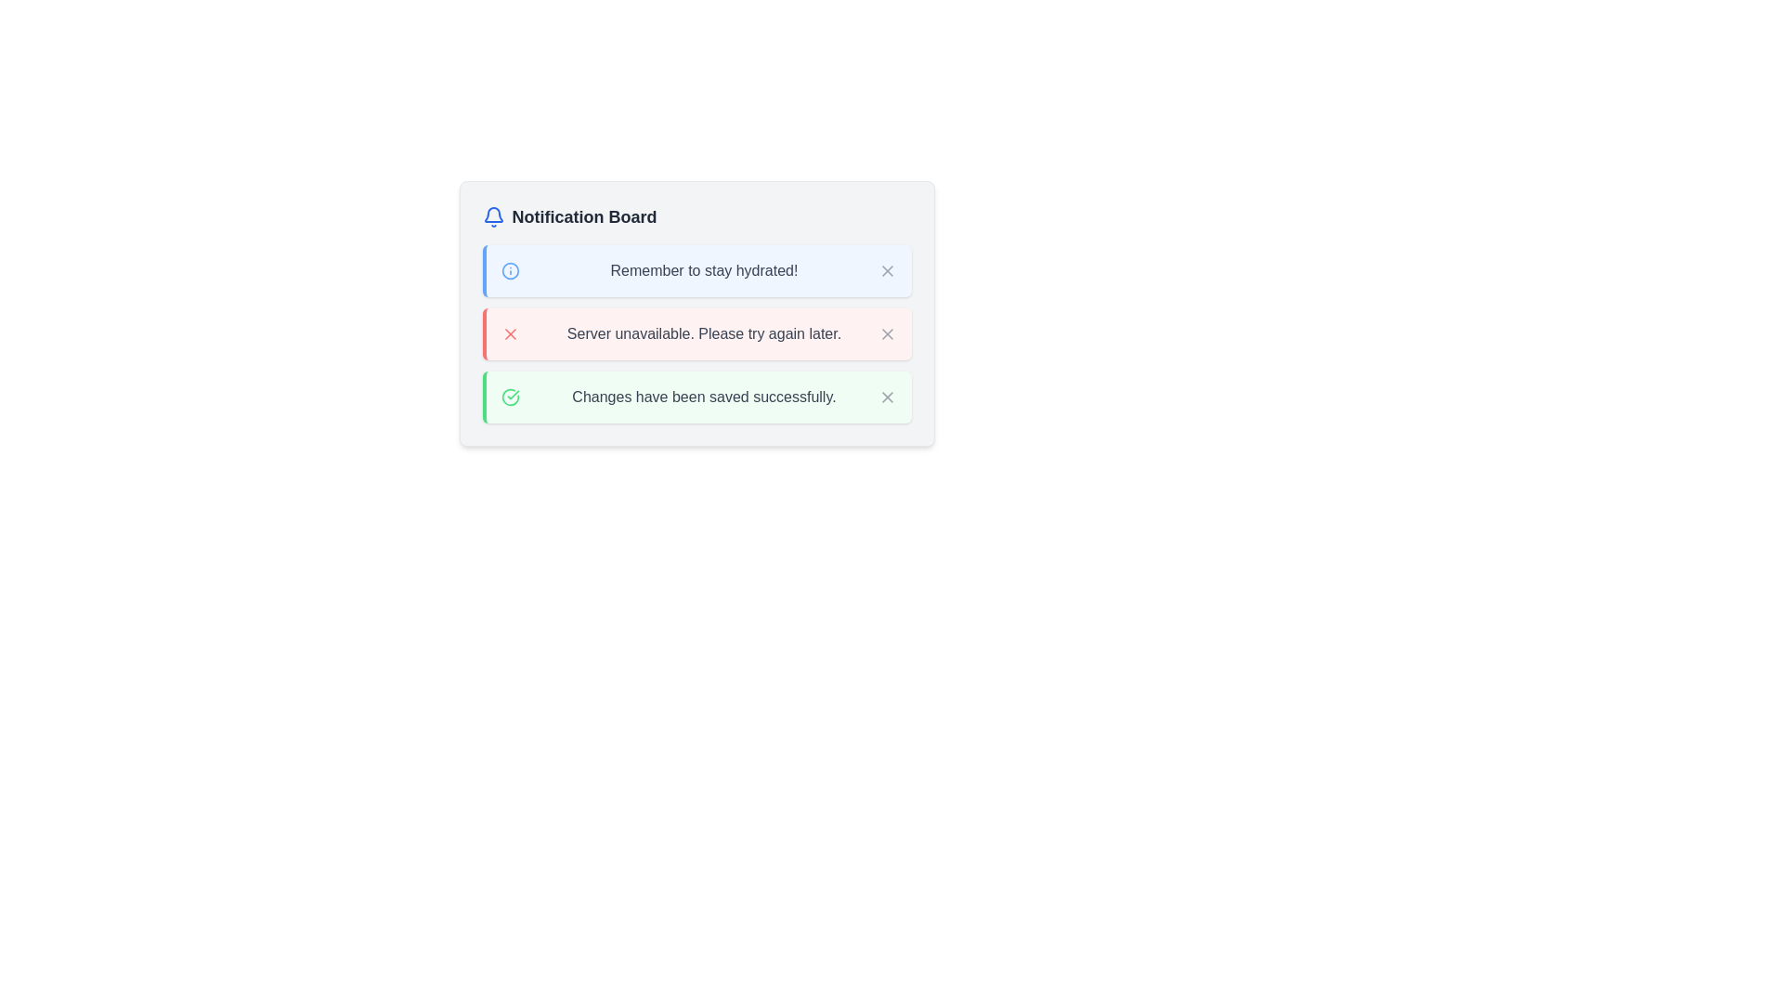  What do you see at coordinates (703, 397) in the screenshot?
I see `text from the text label displaying 'Changes have been saved successfully.' located in the light green notification box, positioned to the right of a green check icon` at bounding box center [703, 397].